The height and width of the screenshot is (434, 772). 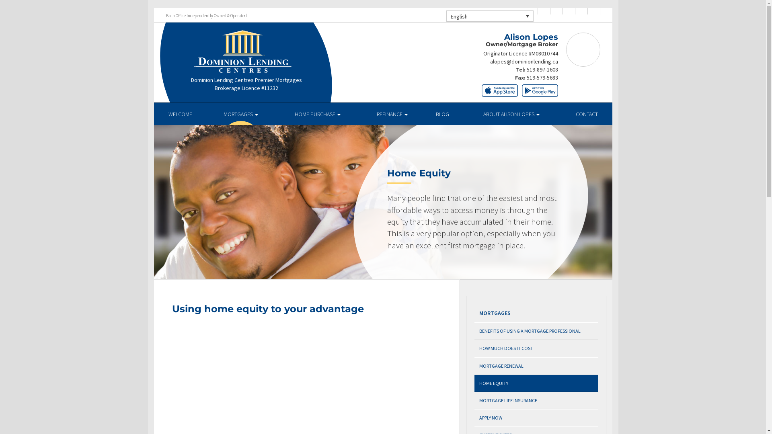 I want to click on 'MORTGAGES', so click(x=240, y=114).